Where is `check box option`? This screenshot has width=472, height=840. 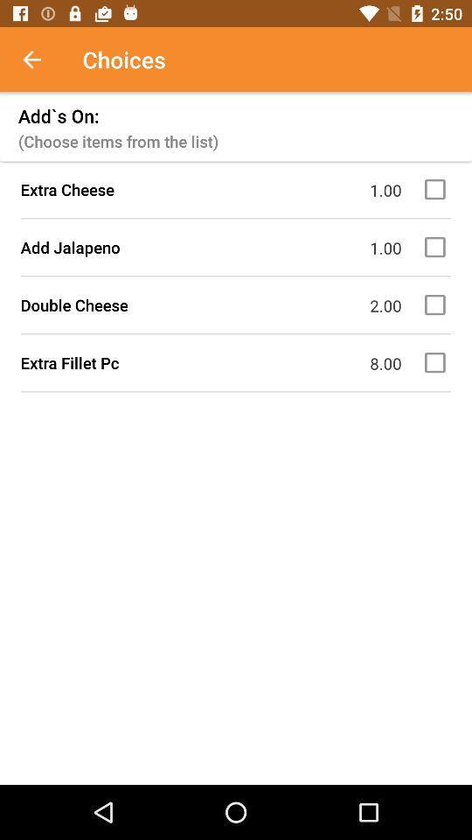 check box option is located at coordinates (437, 246).